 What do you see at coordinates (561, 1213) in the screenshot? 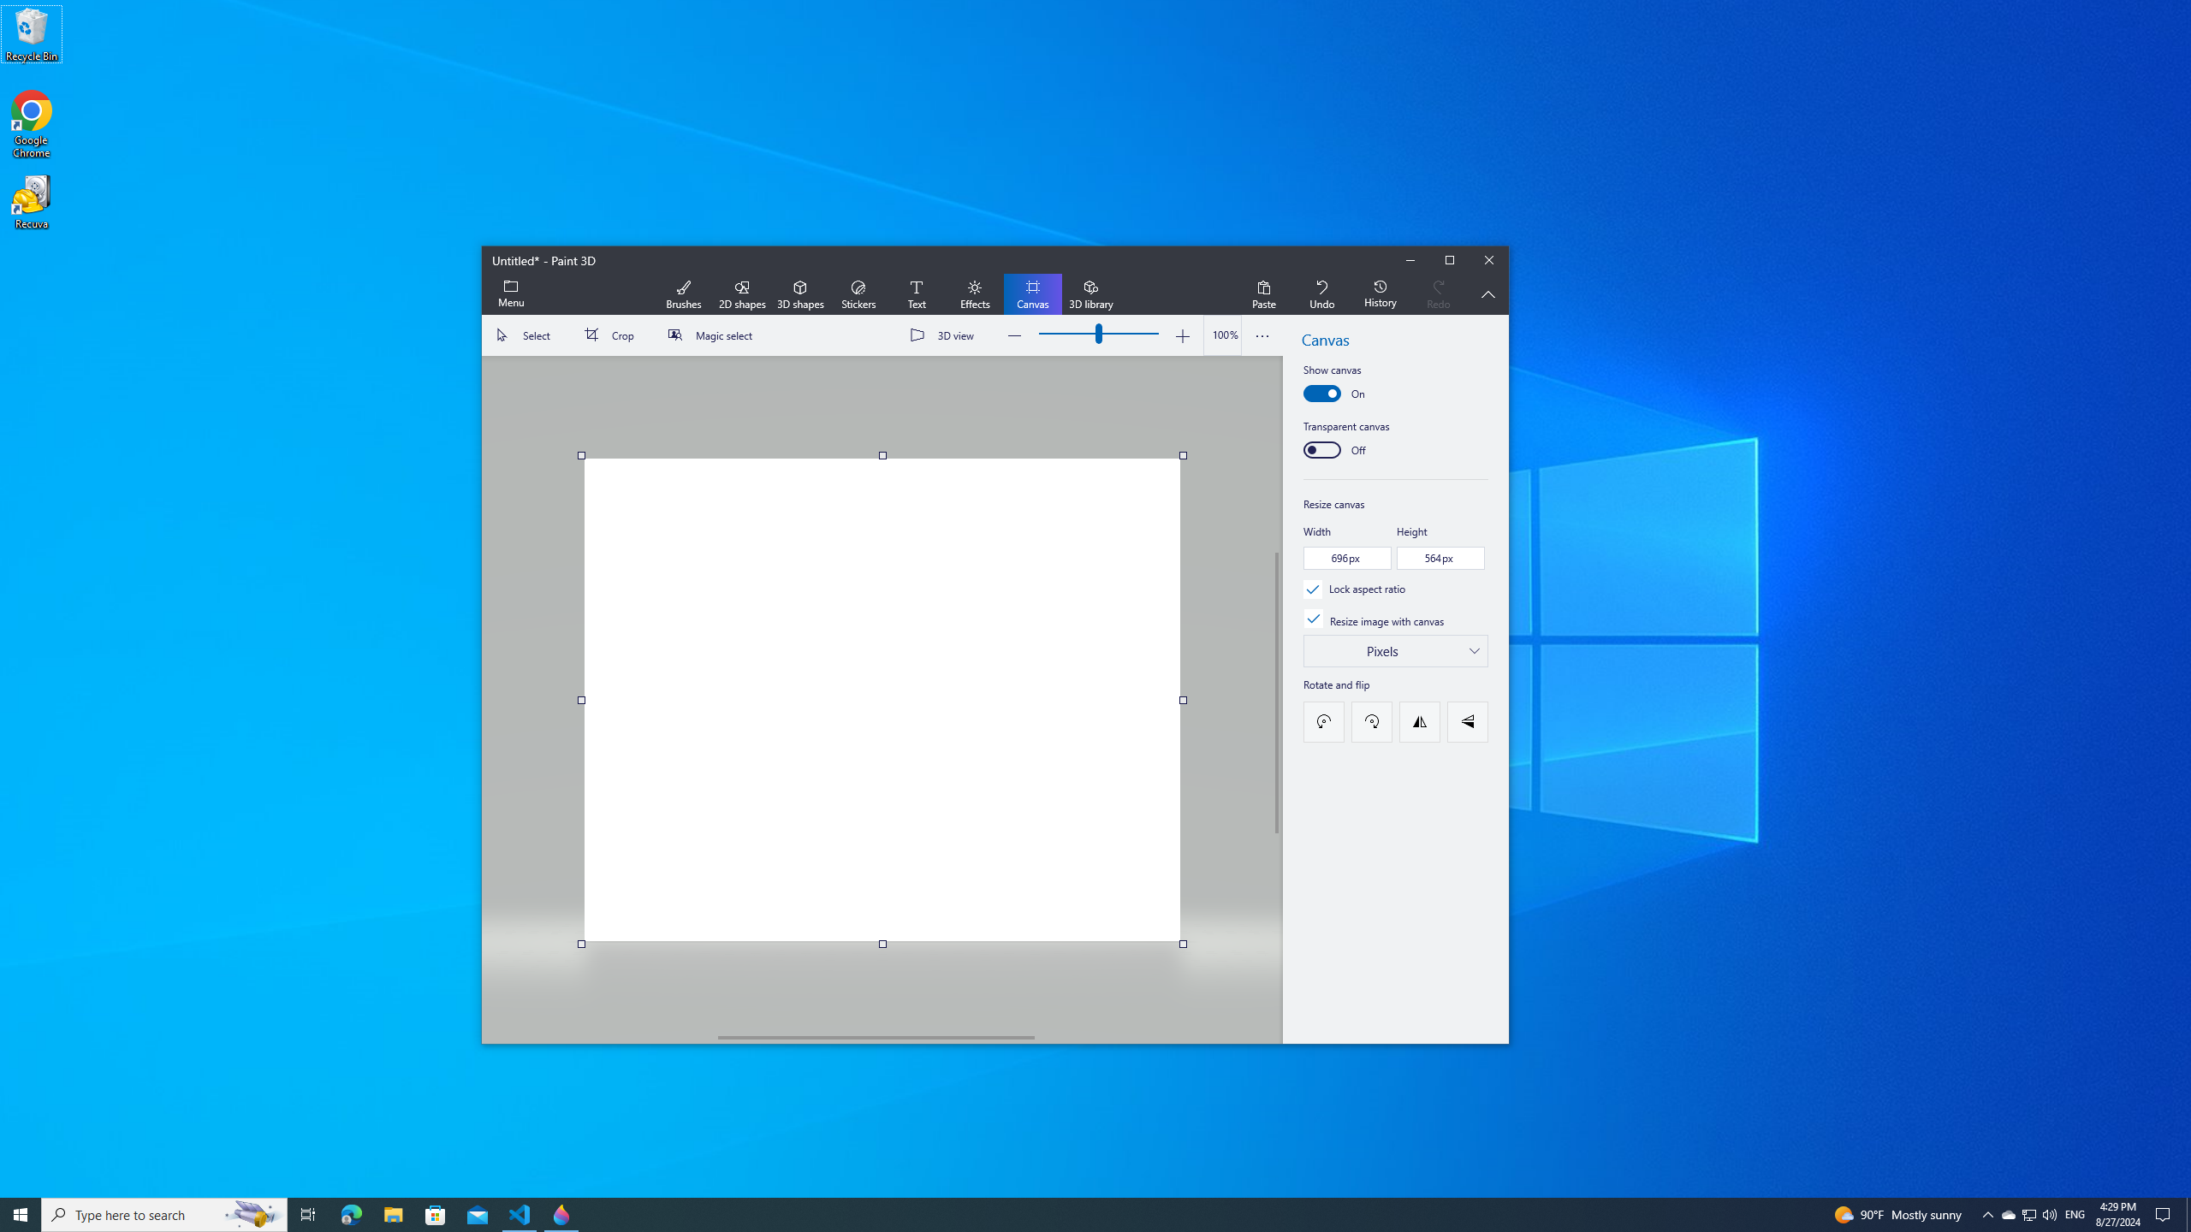
I see `'Paint 3D - 1 running window'` at bounding box center [561, 1213].